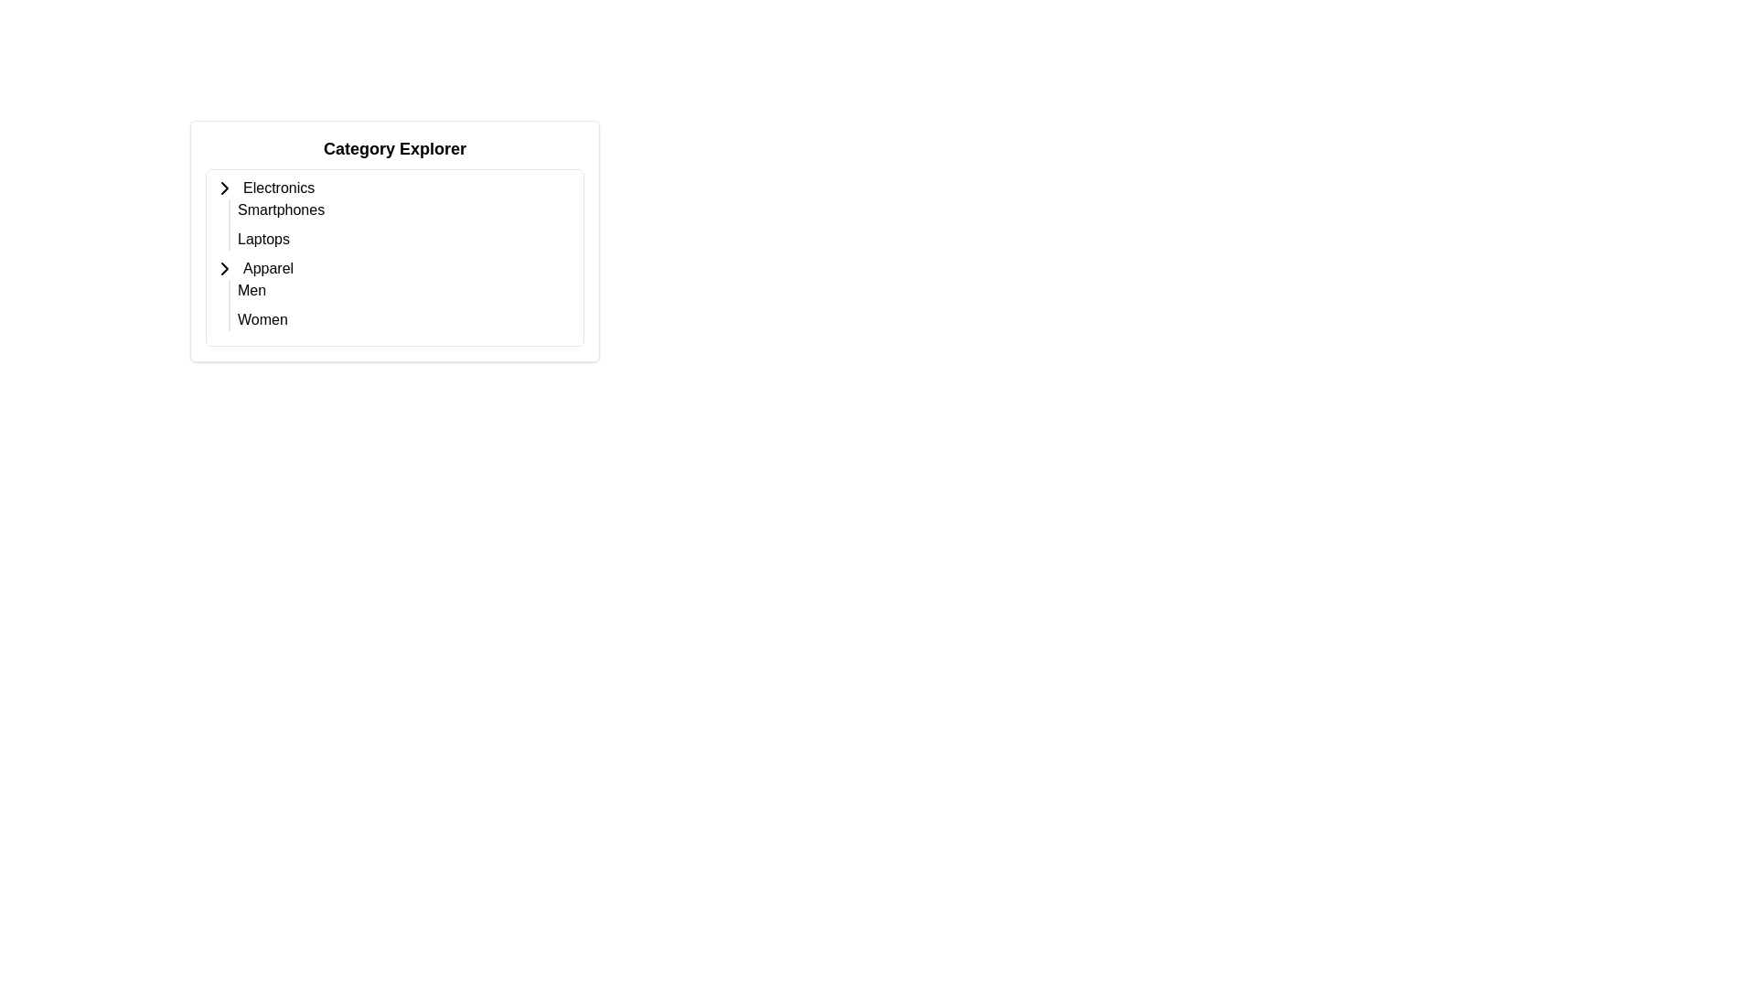 The image size is (1756, 988). What do you see at coordinates (262, 319) in the screenshot?
I see `the 'Women' label in the 'Apparel' subgroup of the 'Category Explorer' menu, which is located directly below the 'Men' label` at bounding box center [262, 319].